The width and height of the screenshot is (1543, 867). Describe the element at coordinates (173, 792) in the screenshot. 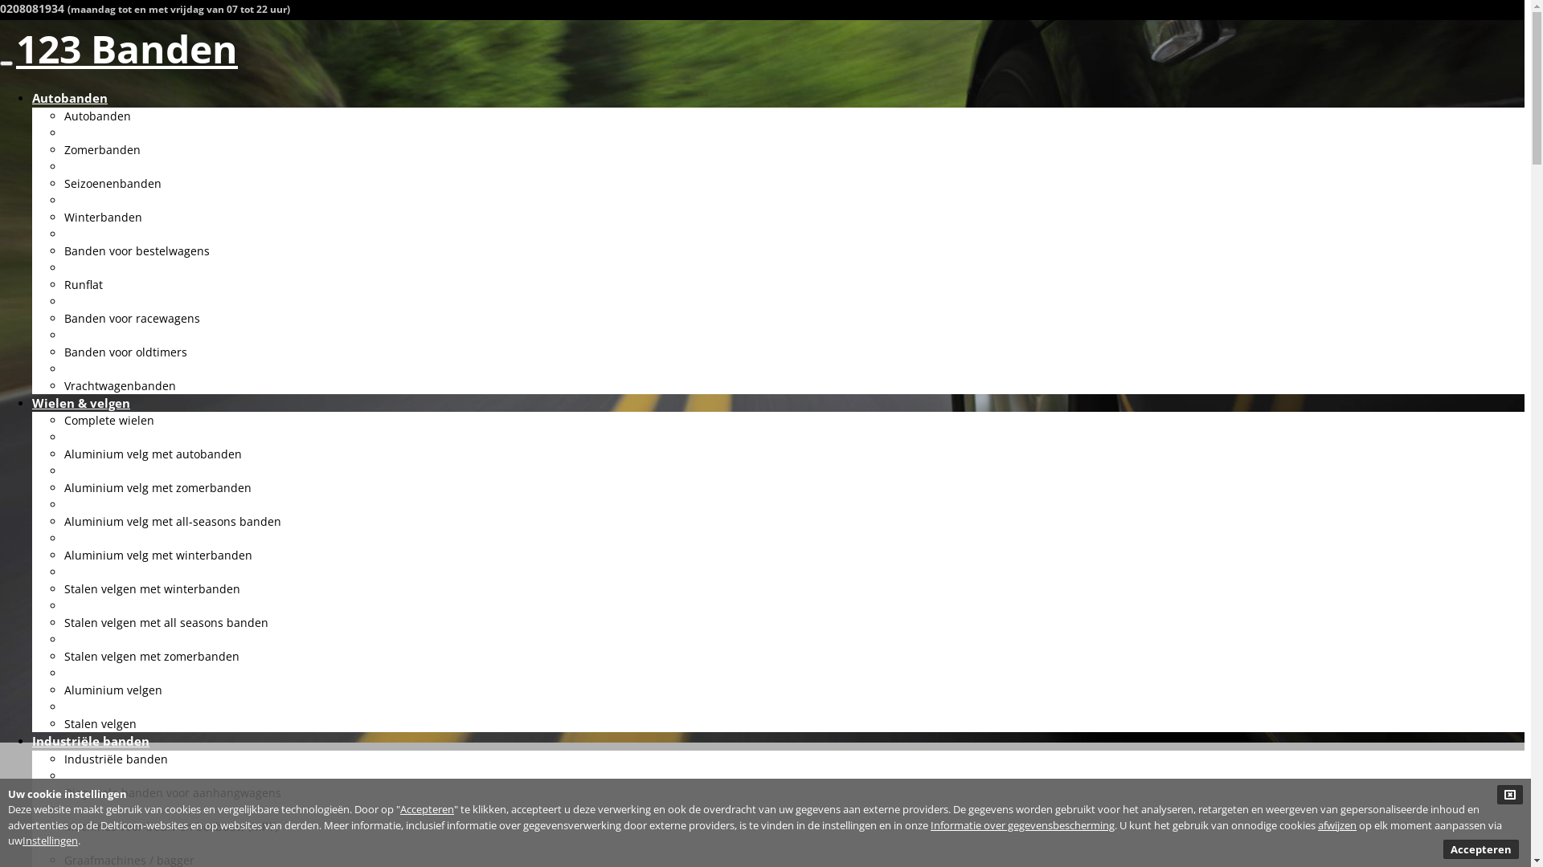

I see `'Diagonale banden voor aanhangwagens'` at that location.